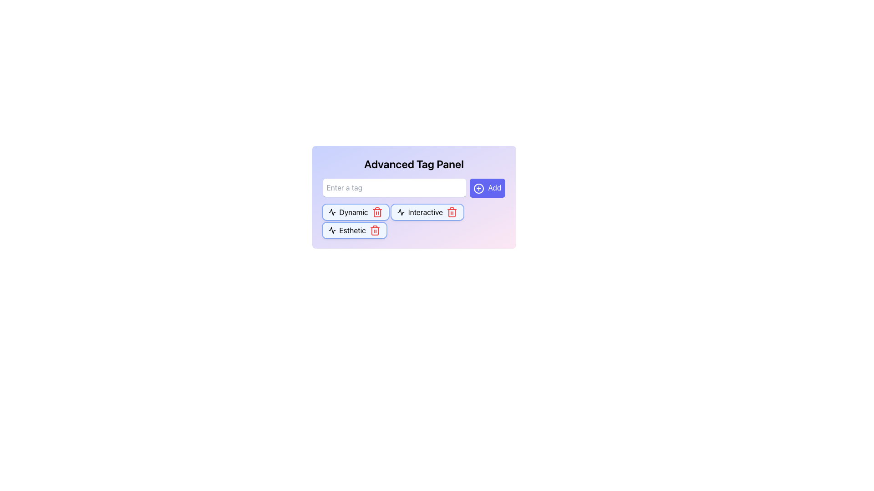 The height and width of the screenshot is (491, 874). What do you see at coordinates (425, 212) in the screenshot?
I see `label displaying 'Interactive' within the tag-like UI component, which is the second tag in the row of tags in the 'Advanced Tag Panel'` at bounding box center [425, 212].